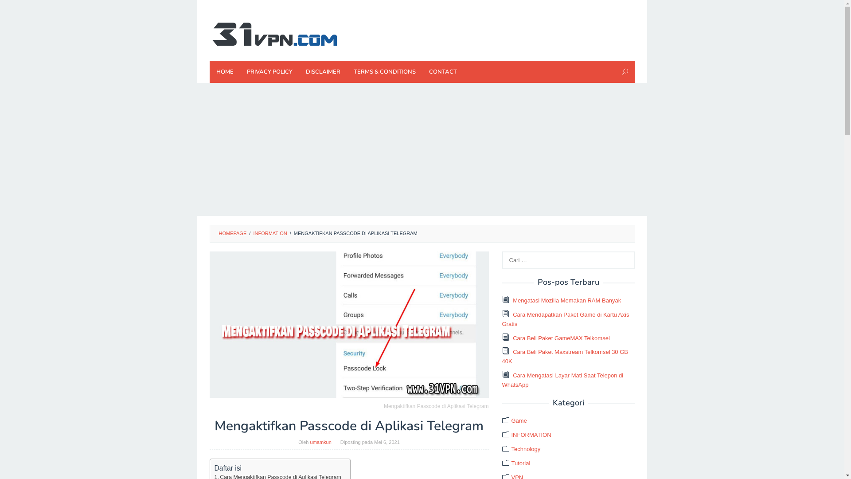 The height and width of the screenshot is (479, 851). I want to click on 'HOME', so click(224, 71).